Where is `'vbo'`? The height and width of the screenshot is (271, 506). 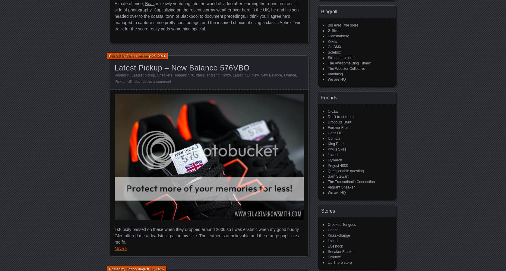 'vbo' is located at coordinates (134, 81).